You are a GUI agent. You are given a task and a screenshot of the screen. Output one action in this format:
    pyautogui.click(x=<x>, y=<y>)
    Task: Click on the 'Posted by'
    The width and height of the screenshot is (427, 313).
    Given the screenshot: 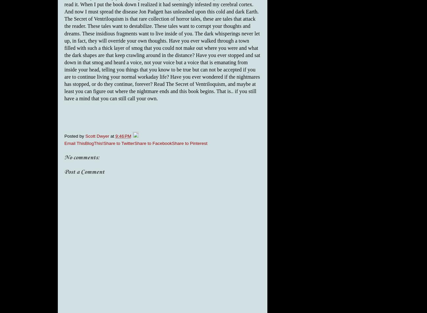 What is the action you would take?
    pyautogui.click(x=64, y=136)
    